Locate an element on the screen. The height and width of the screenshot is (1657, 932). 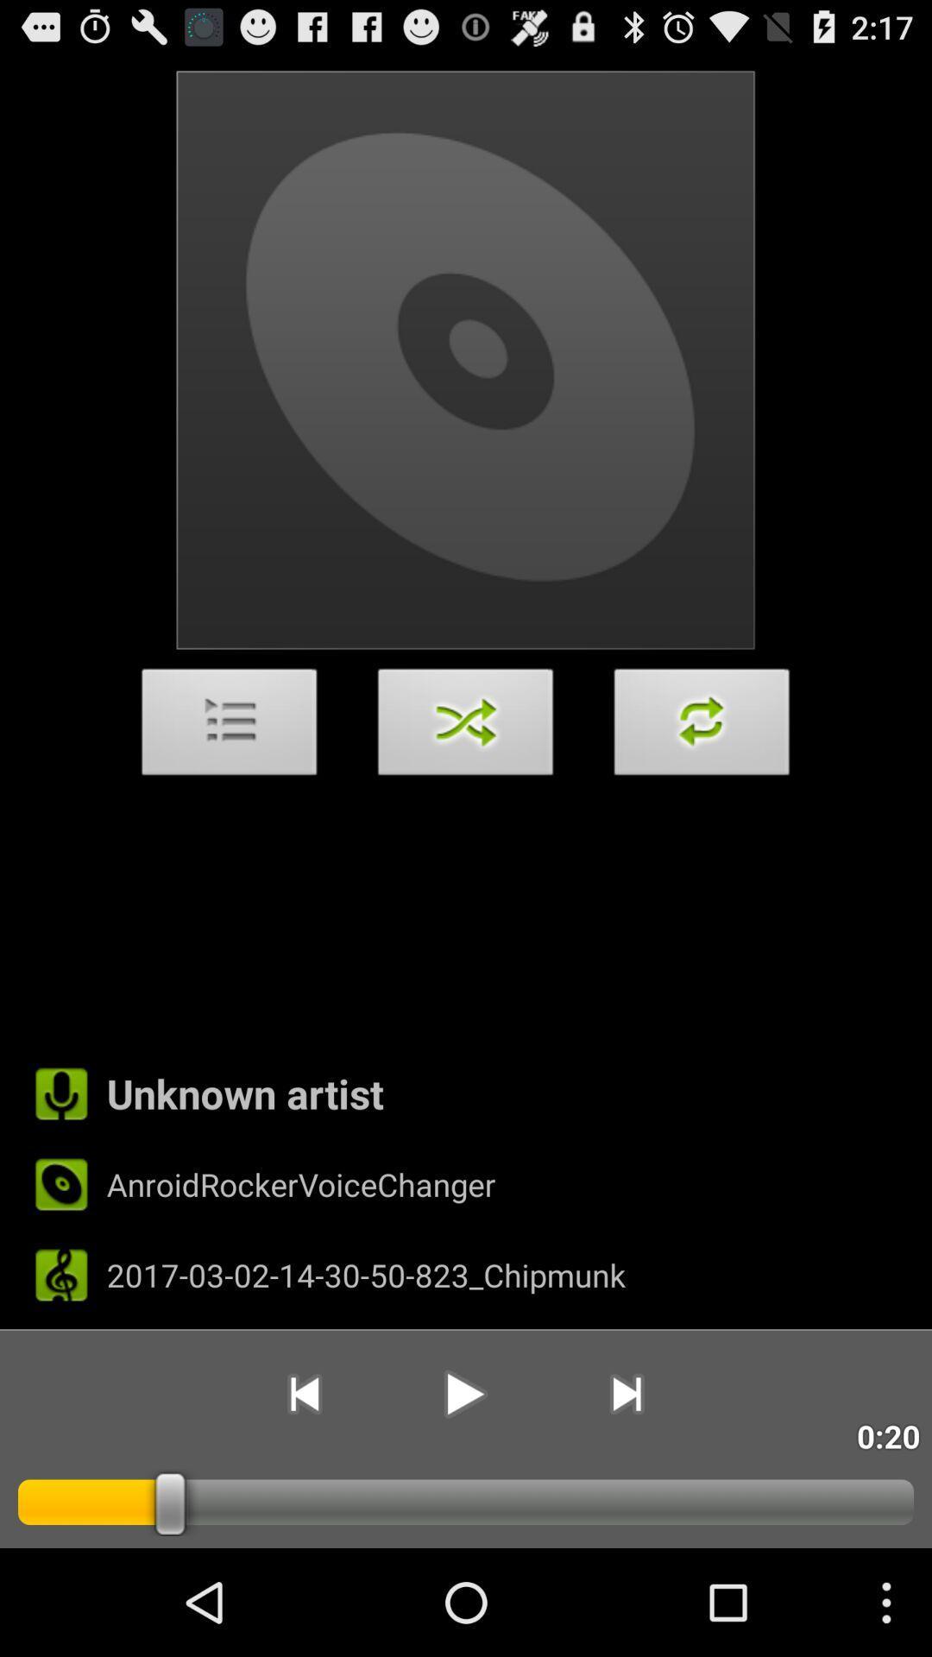
the list icon is located at coordinates (229, 777).